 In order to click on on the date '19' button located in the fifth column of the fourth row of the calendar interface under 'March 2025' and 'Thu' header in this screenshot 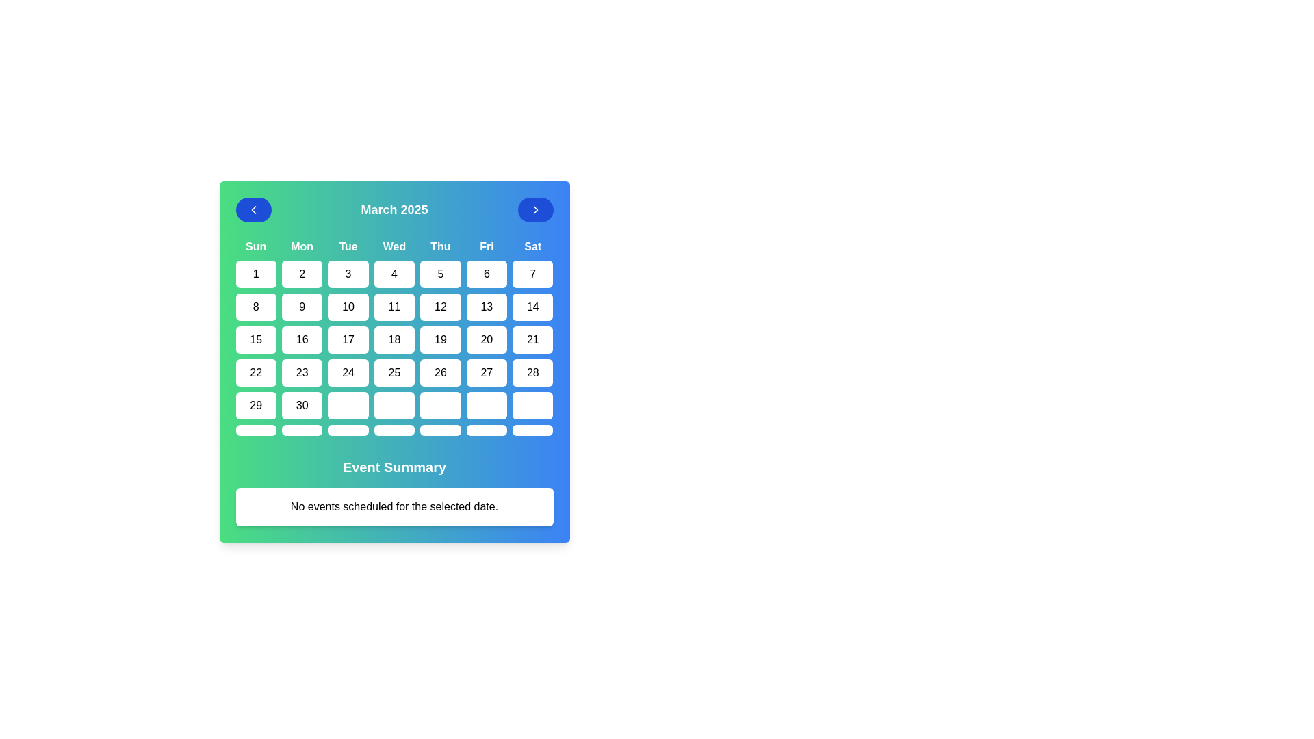, I will do `click(440, 339)`.